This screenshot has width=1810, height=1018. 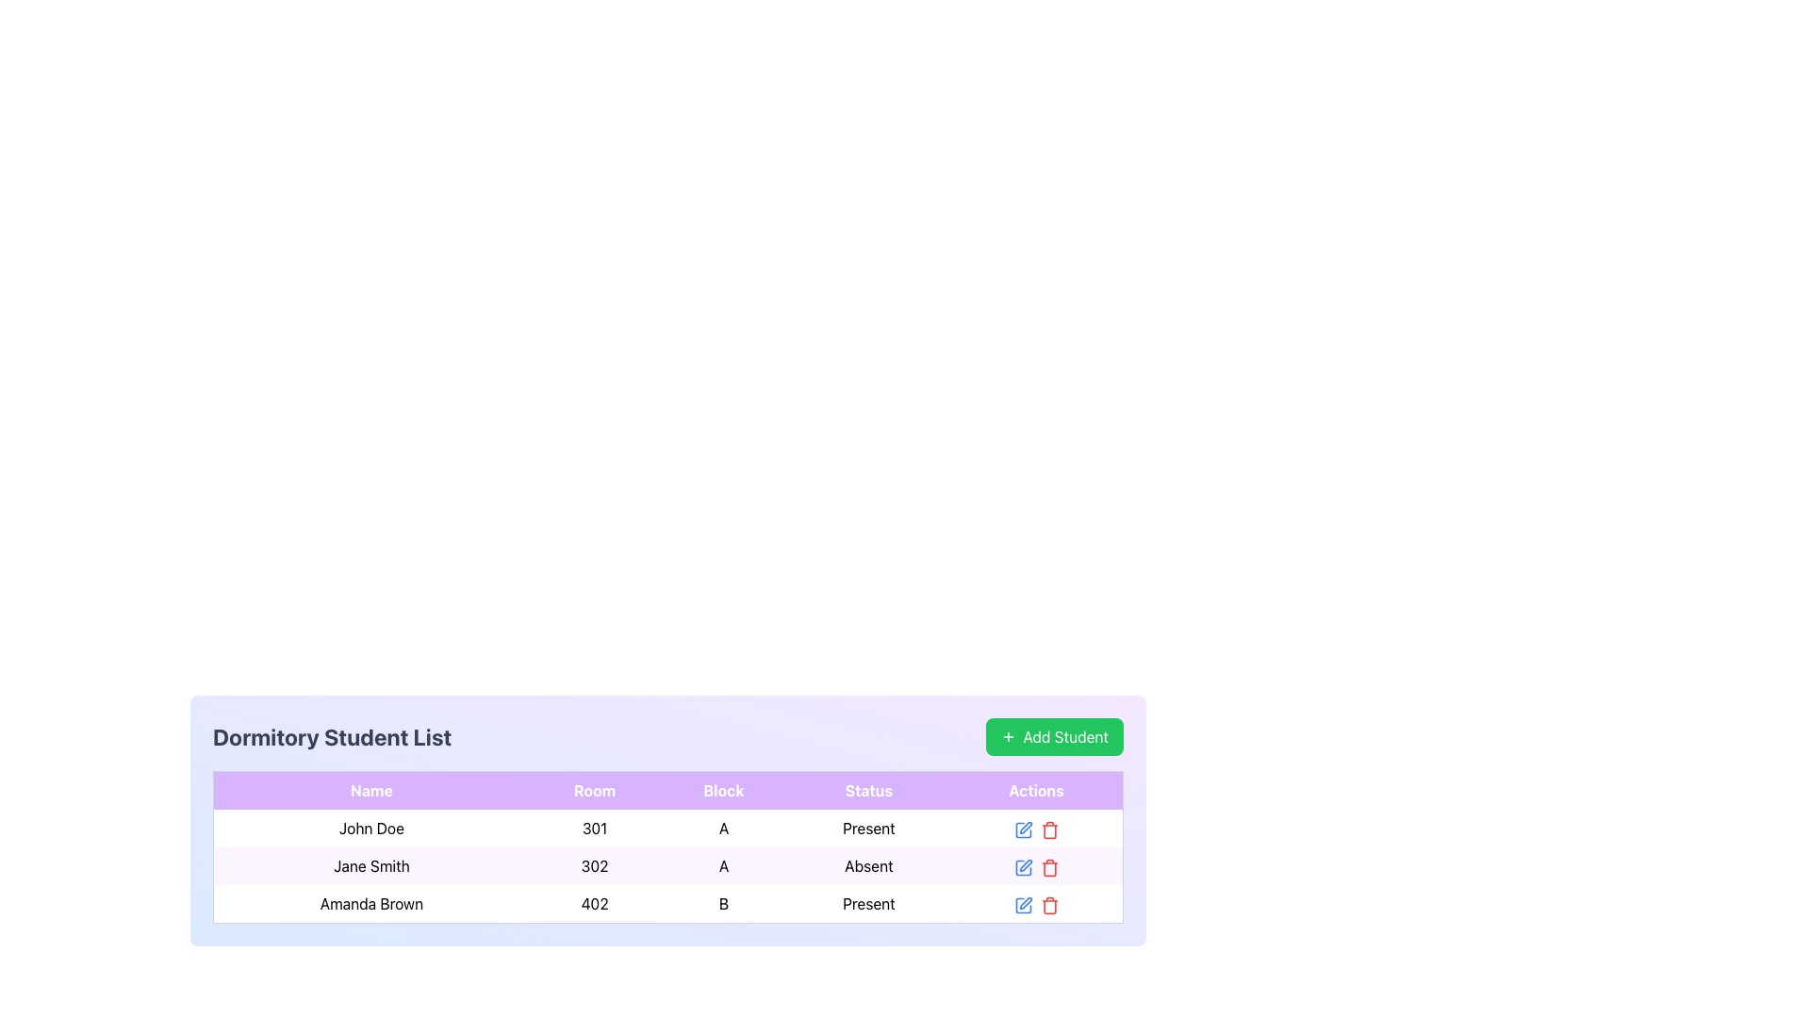 I want to click on the blue edit icon styled as a square with a pen located in the 'Actions' column of the first row in the table, so click(x=1022, y=828).